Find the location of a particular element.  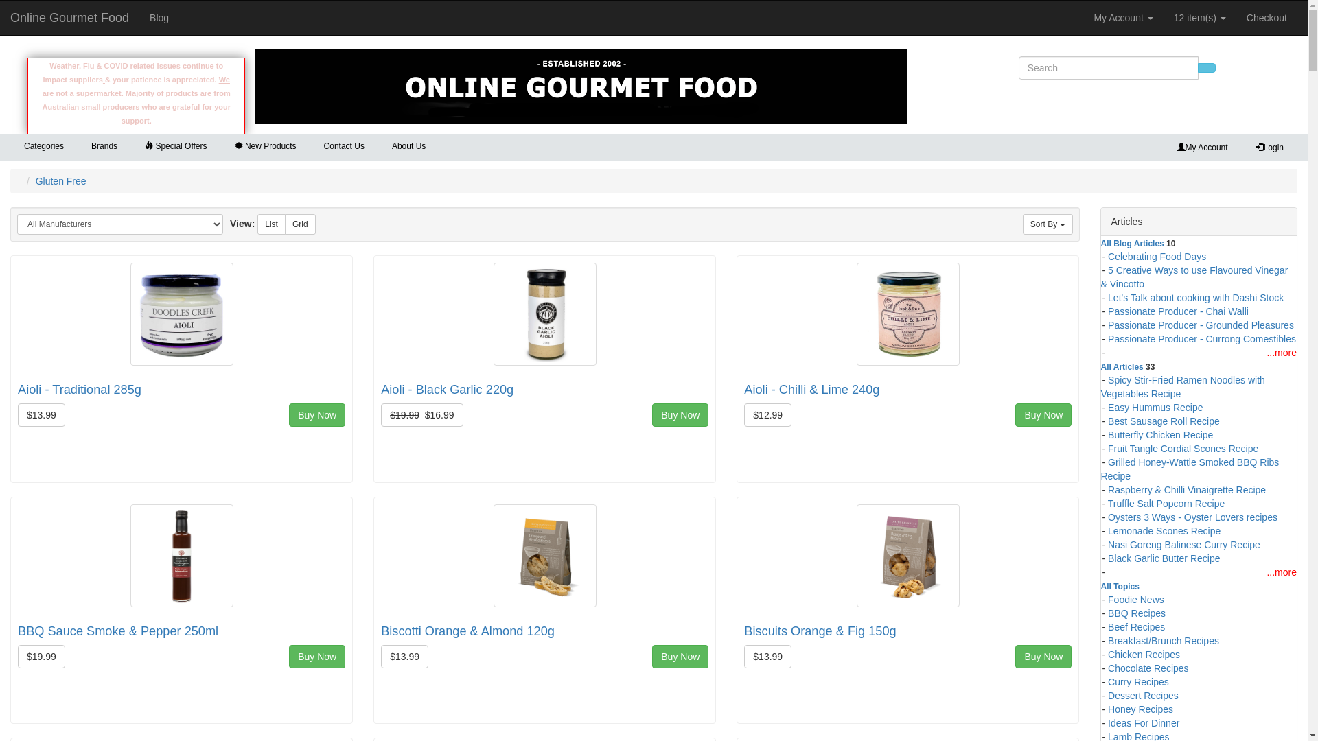

'Buy Now' is located at coordinates (316, 414).